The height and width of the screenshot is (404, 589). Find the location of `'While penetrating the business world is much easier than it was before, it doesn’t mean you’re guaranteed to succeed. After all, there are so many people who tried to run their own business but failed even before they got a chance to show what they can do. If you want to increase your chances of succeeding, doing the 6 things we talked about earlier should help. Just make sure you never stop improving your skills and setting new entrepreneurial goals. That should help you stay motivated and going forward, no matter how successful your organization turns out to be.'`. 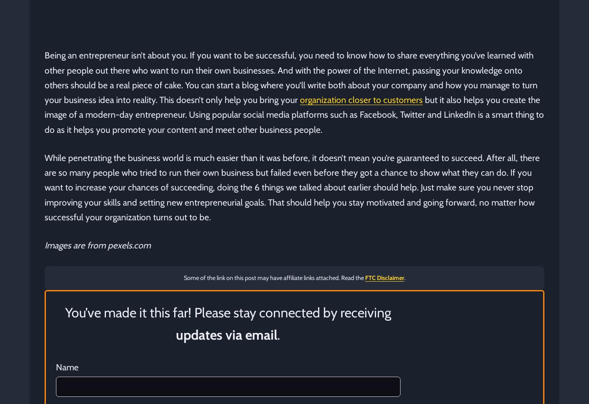

'While penetrating the business world is much easier than it was before, it doesn’t mean you’re guaranteed to succeed. After all, there are so many people who tried to run their own business but failed even before they got a chance to show what they can do. If you want to increase your chances of succeeding, doing the 6 things we talked about earlier should help. Just make sure you never stop improving your skills and setting new entrepreneurial goals. That should help you stay motivated and going forward, no matter how successful your organization turns out to be.' is located at coordinates (292, 187).